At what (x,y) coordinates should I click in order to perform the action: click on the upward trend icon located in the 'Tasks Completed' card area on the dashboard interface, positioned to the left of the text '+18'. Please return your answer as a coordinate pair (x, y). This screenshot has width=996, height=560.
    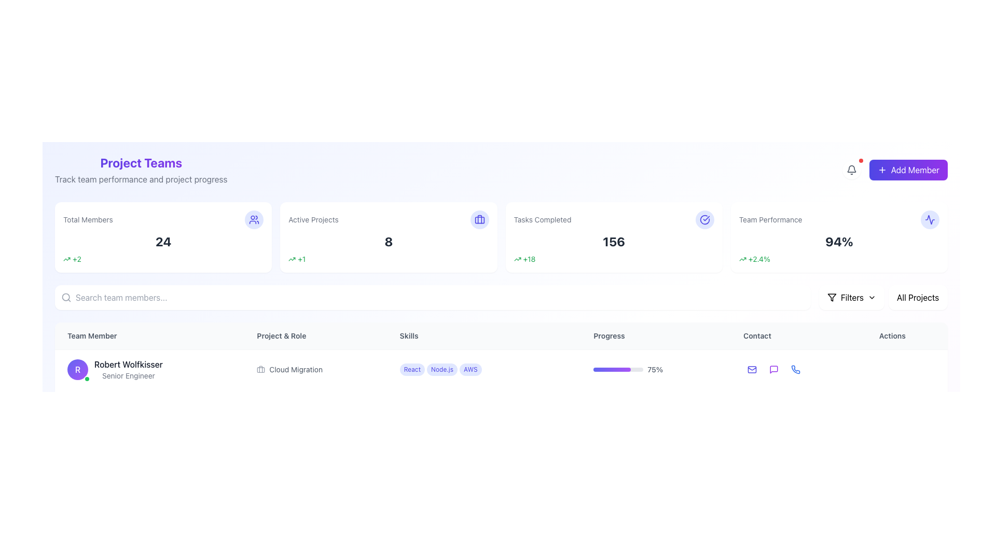
    Looking at the image, I should click on (517, 259).